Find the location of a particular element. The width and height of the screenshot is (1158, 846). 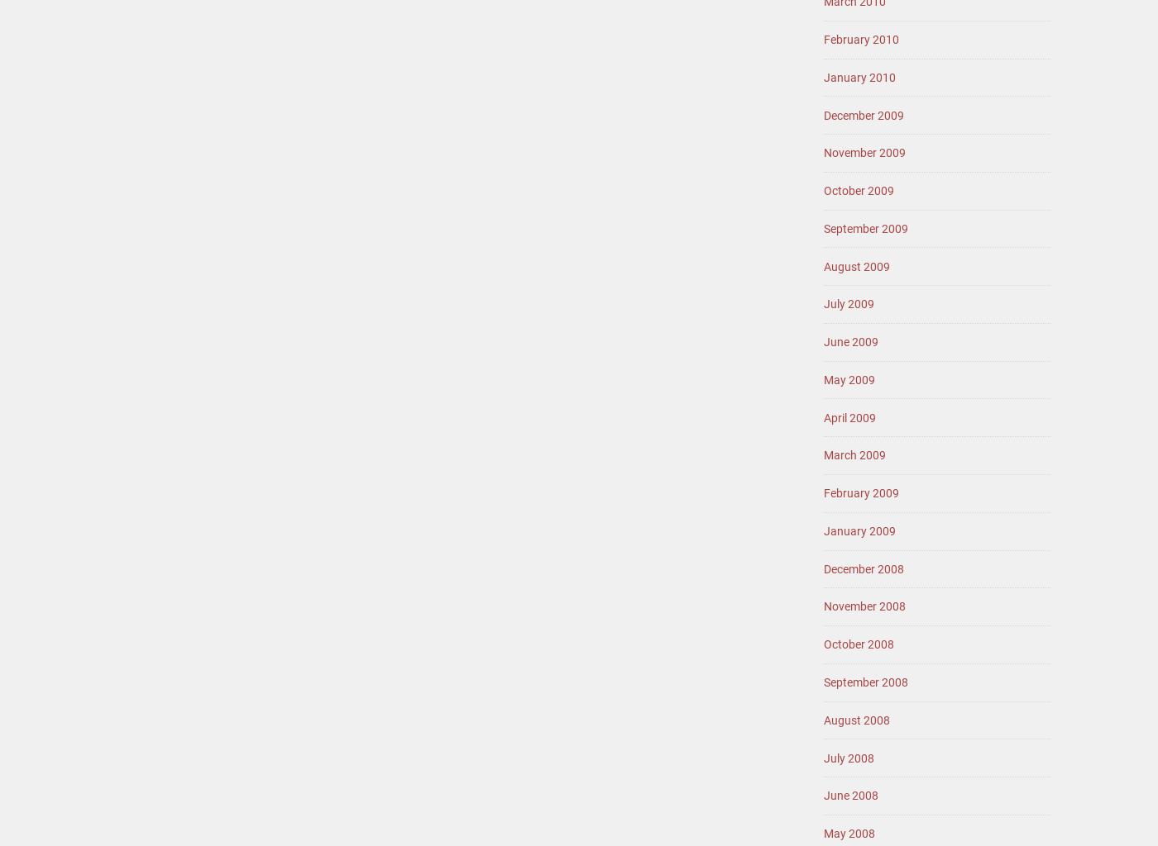

'September 2009' is located at coordinates (823, 227).